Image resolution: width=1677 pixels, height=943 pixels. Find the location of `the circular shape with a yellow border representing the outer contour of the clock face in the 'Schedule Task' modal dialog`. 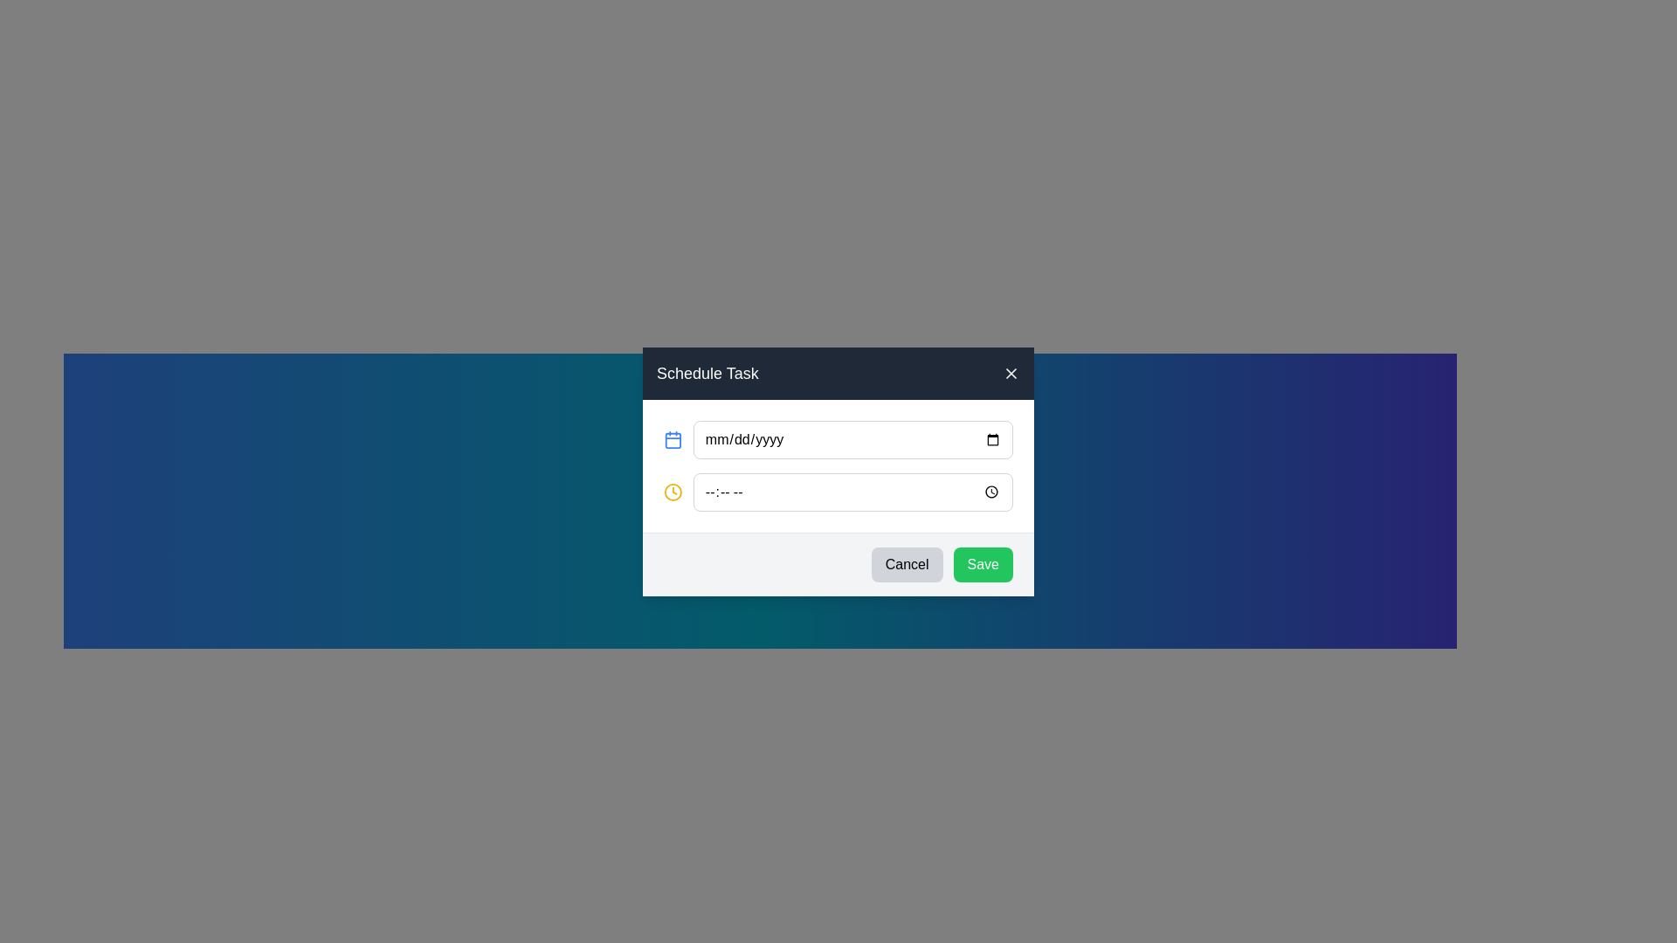

the circular shape with a yellow border representing the outer contour of the clock face in the 'Schedule Task' modal dialog is located at coordinates (672, 492).